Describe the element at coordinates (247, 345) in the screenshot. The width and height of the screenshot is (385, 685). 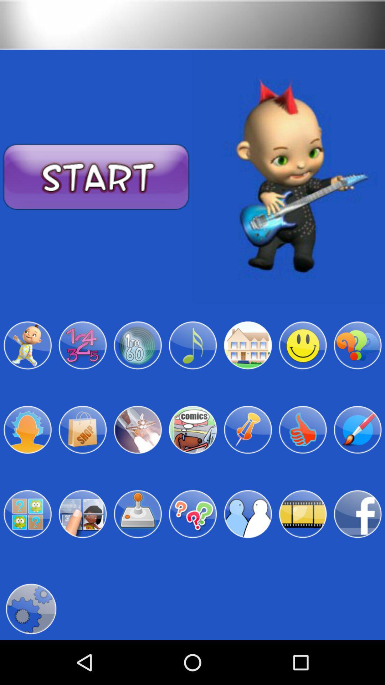
I see `choose the game` at that location.